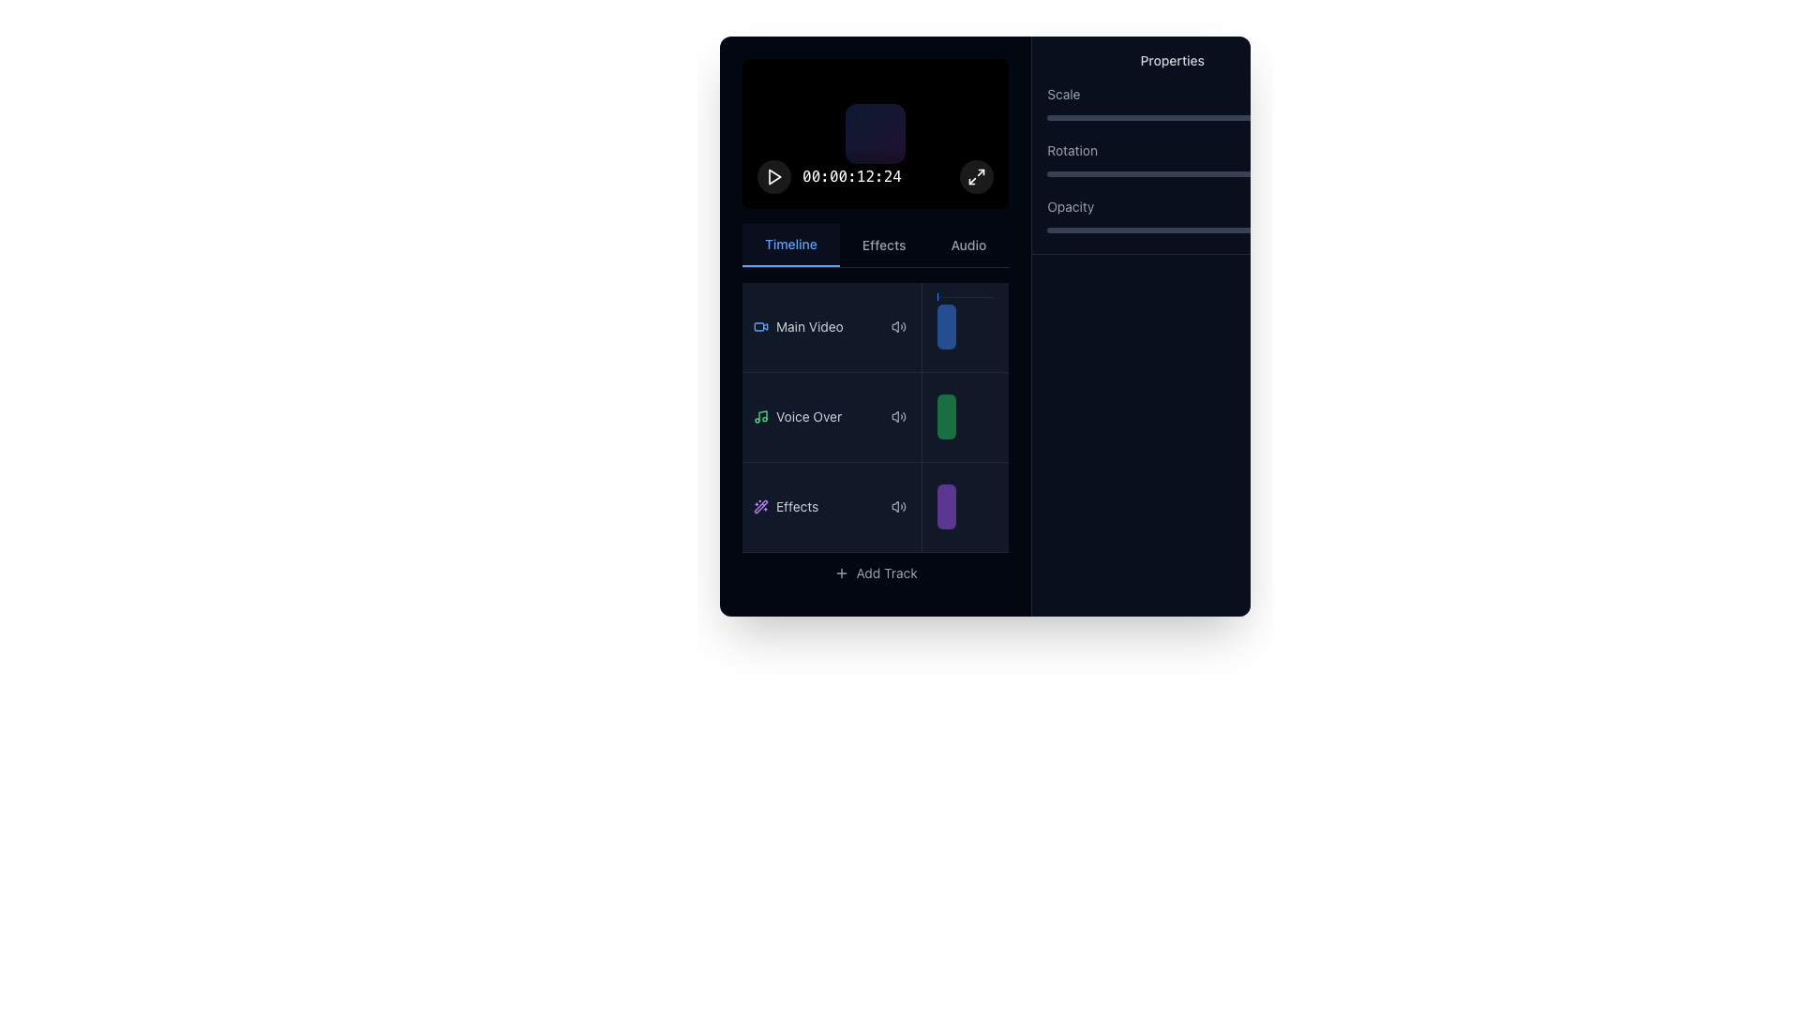  Describe the element at coordinates (883, 244) in the screenshot. I see `the Effects tab` at that location.